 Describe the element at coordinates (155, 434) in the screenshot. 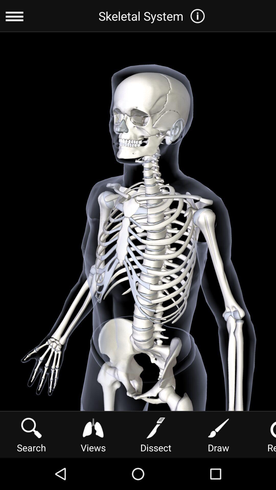

I see `dissect` at that location.